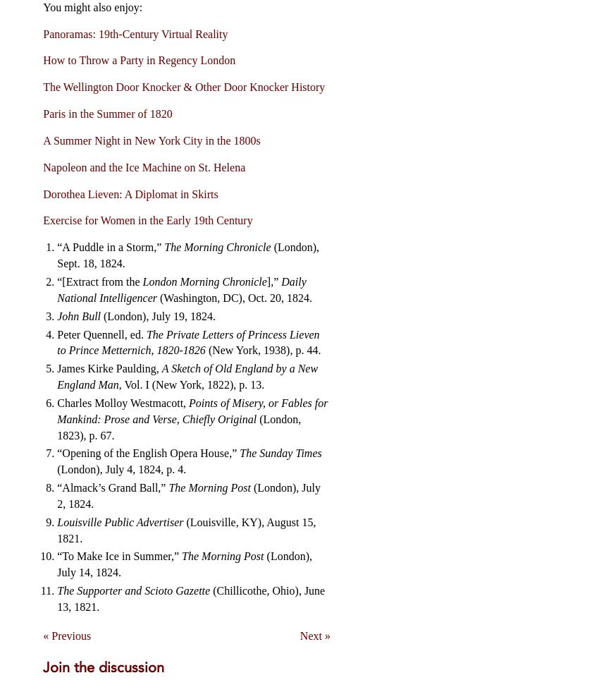 This screenshot has width=599, height=692. I want to click on '(London), July 14, 1824.', so click(183, 564).